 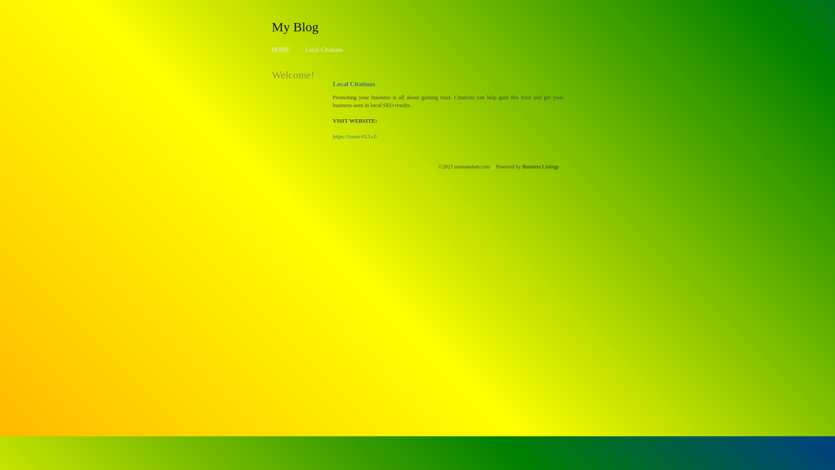 I want to click on 'Local Citations', so click(x=323, y=50).